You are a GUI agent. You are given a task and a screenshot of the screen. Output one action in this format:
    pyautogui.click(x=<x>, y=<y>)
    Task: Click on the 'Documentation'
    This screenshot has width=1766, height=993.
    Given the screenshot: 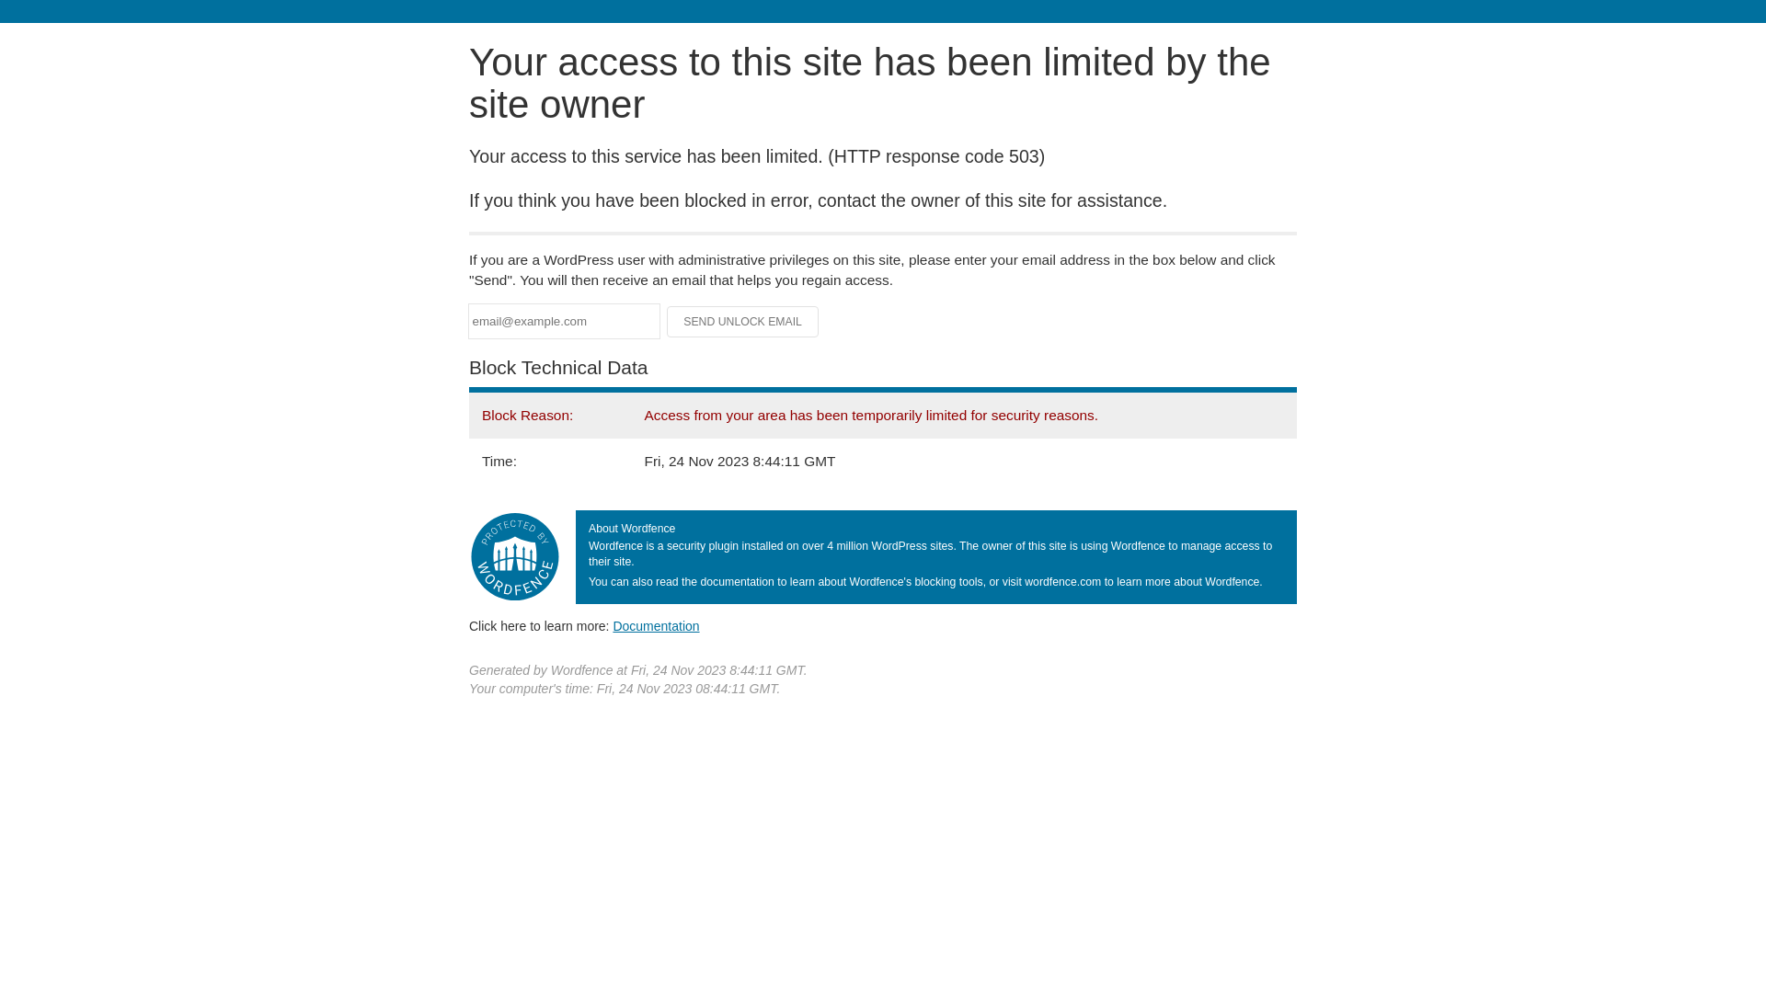 What is the action you would take?
    pyautogui.click(x=656, y=625)
    